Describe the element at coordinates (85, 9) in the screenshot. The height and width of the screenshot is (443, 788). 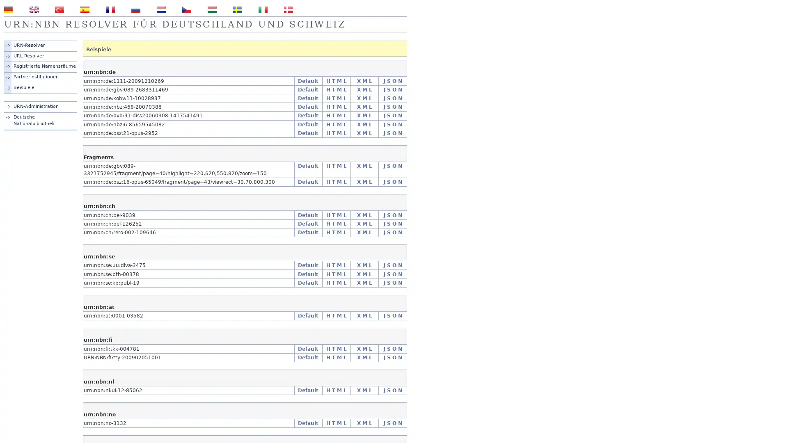
I see `es` at that location.